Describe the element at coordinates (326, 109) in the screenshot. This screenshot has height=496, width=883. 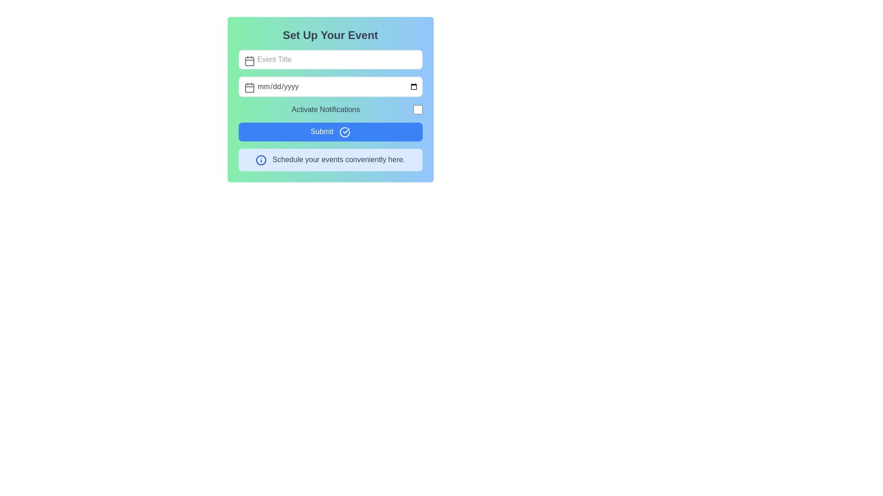
I see `the static text label that indicates the purpose of the checkbox to its right, located in the 'Set Up Your Event' panel, just below the date input field` at that location.